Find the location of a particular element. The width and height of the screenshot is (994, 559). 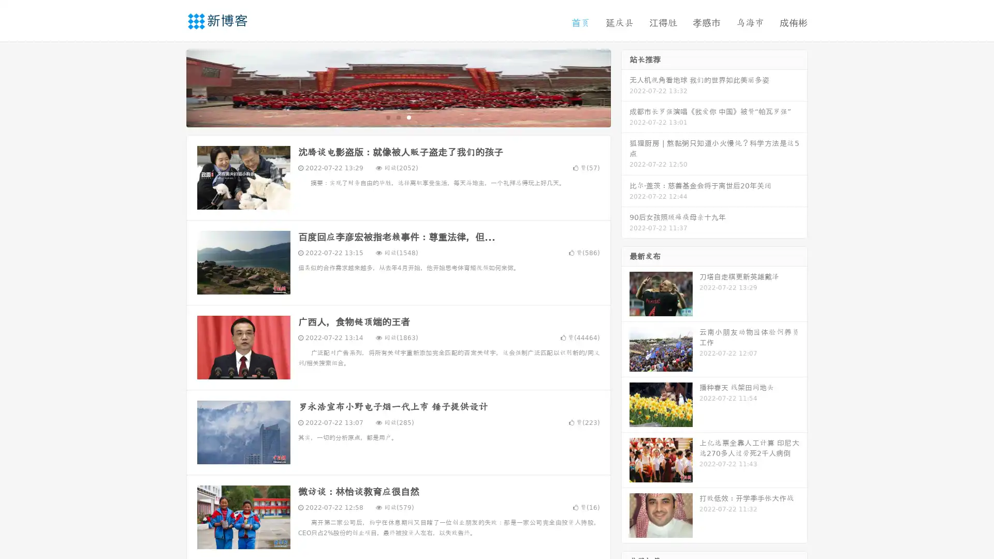

Next slide is located at coordinates (625, 87).